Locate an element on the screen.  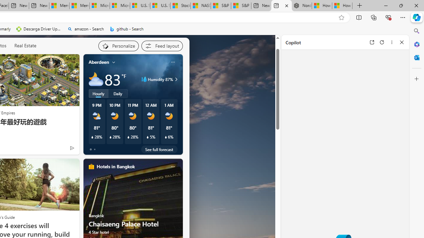
'Copilot (Ctrl+Shift+.)' is located at coordinates (416, 17).